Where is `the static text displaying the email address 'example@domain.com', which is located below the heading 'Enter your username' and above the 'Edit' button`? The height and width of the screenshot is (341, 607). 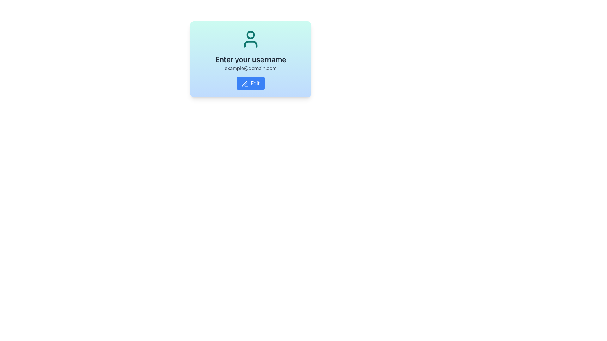
the static text displaying the email address 'example@domain.com', which is located below the heading 'Enter your username' and above the 'Edit' button is located at coordinates (250, 68).